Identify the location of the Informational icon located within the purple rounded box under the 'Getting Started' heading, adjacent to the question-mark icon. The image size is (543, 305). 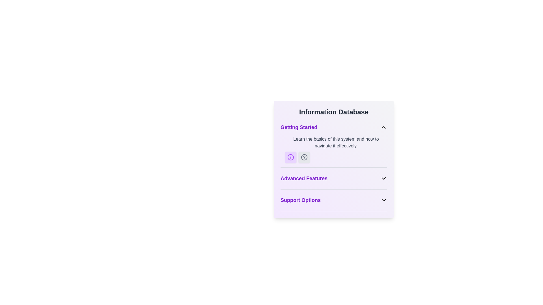
(290, 157).